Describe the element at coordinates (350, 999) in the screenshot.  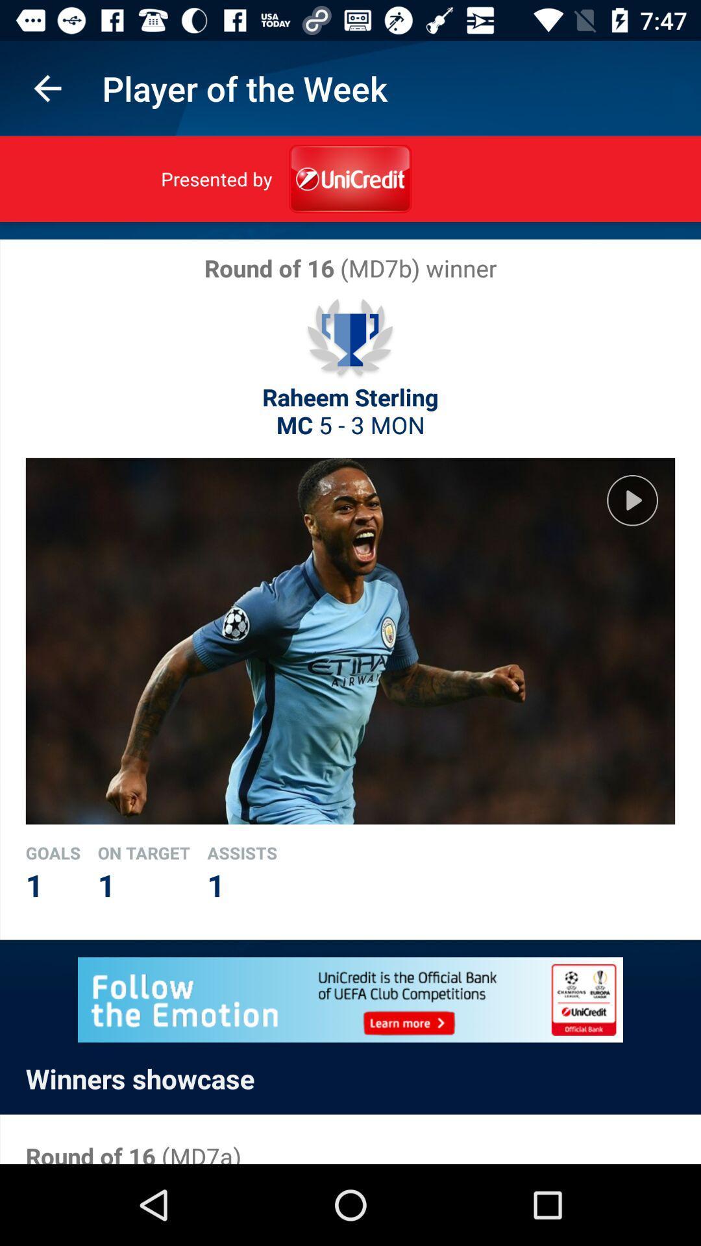
I see `see a advertisement` at that location.